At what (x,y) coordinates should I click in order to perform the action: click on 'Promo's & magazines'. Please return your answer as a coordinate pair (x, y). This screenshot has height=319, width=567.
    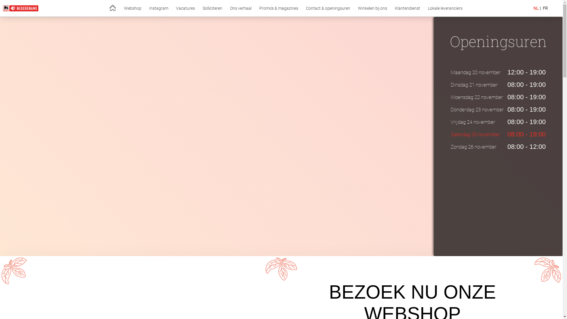
    Looking at the image, I should click on (278, 8).